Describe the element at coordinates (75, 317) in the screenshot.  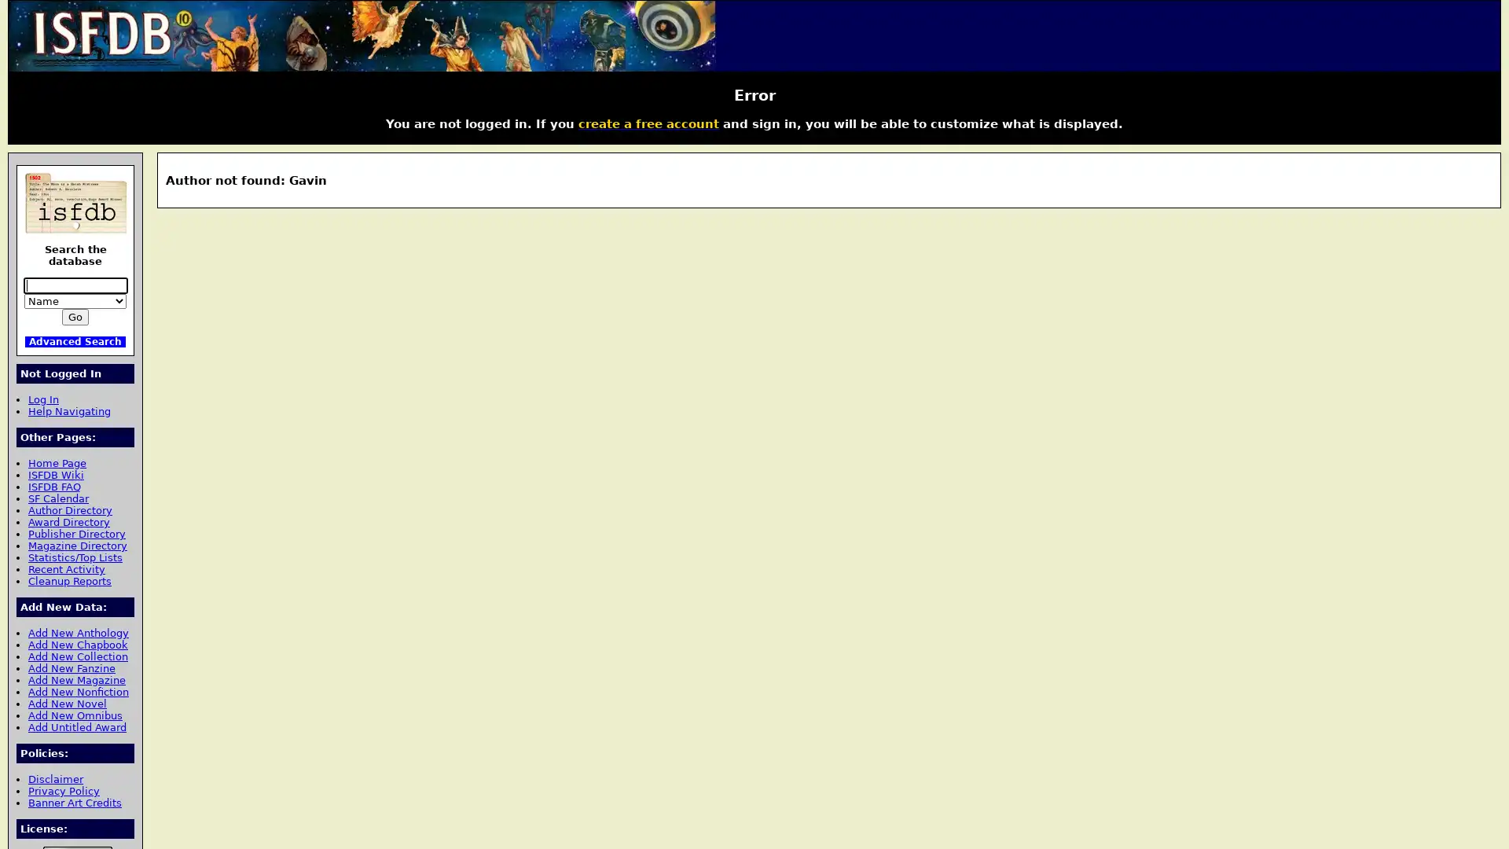
I see `Go` at that location.